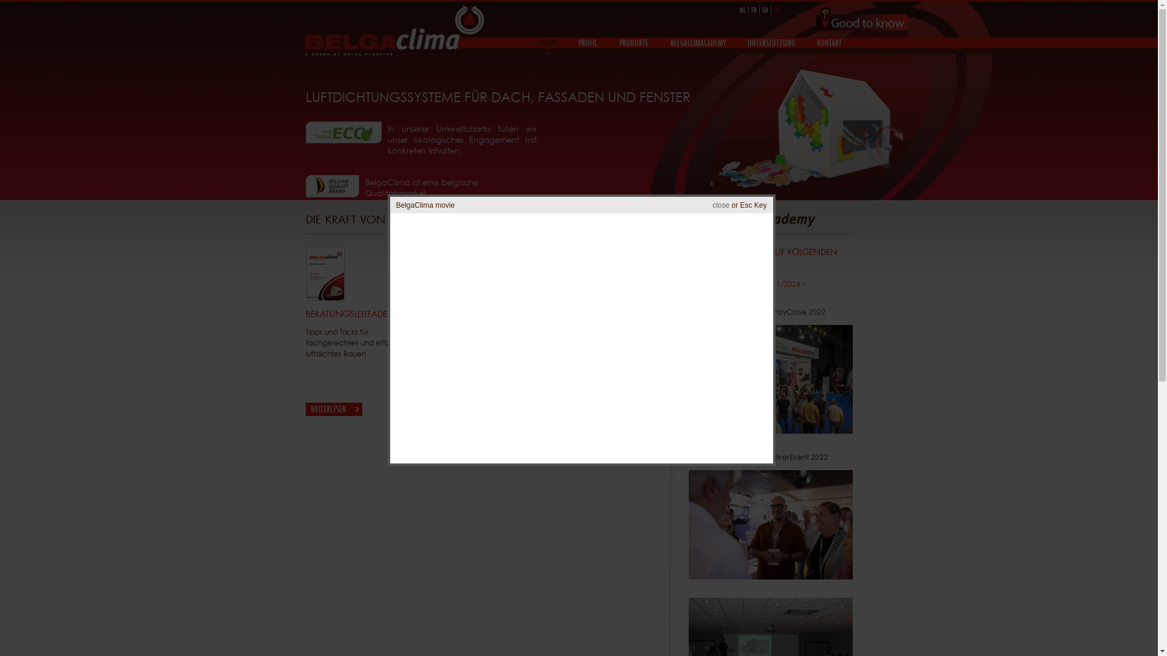  Describe the element at coordinates (720, 205) in the screenshot. I see `'close'` at that location.